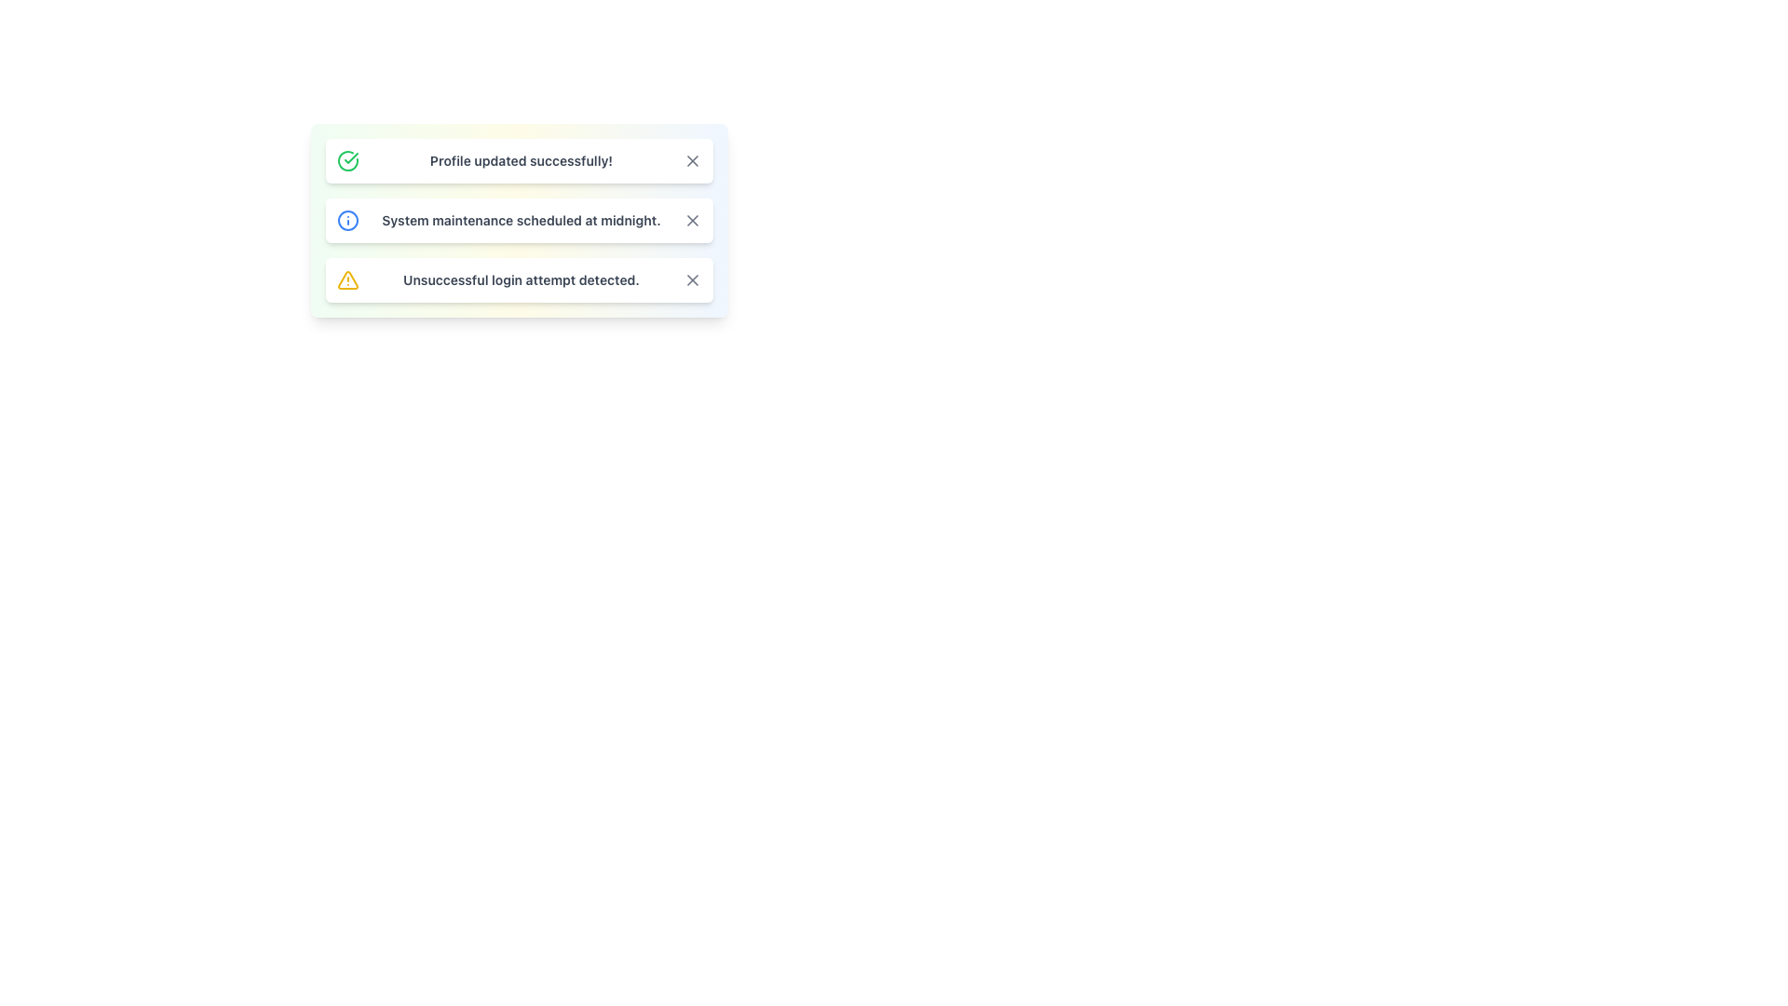  I want to click on the static text display that informs the user of a successful profile update, located within a notification card at the top of the list, so click(521, 160).